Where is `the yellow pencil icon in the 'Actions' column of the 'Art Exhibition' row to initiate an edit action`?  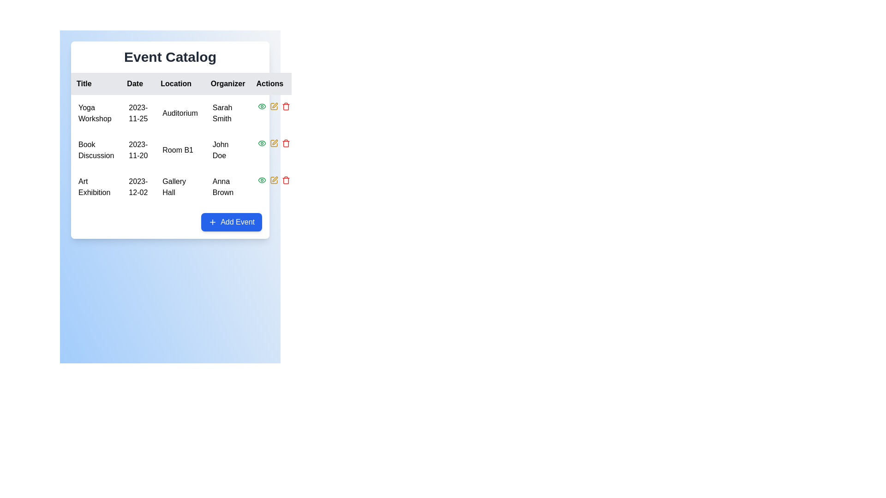
the yellow pencil icon in the 'Actions' column of the 'Art Exhibition' row to initiate an edit action is located at coordinates (274, 180).